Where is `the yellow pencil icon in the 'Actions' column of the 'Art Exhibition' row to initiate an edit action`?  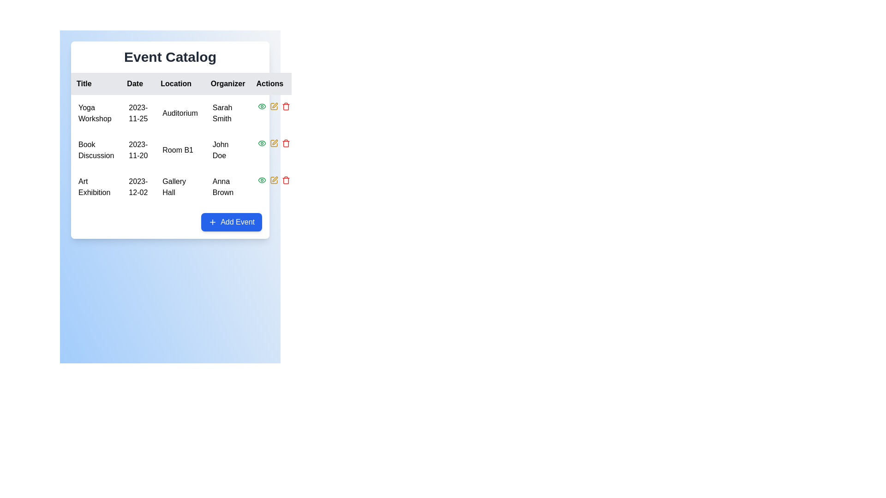
the yellow pencil icon in the 'Actions' column of the 'Art Exhibition' row to initiate an edit action is located at coordinates (274, 180).